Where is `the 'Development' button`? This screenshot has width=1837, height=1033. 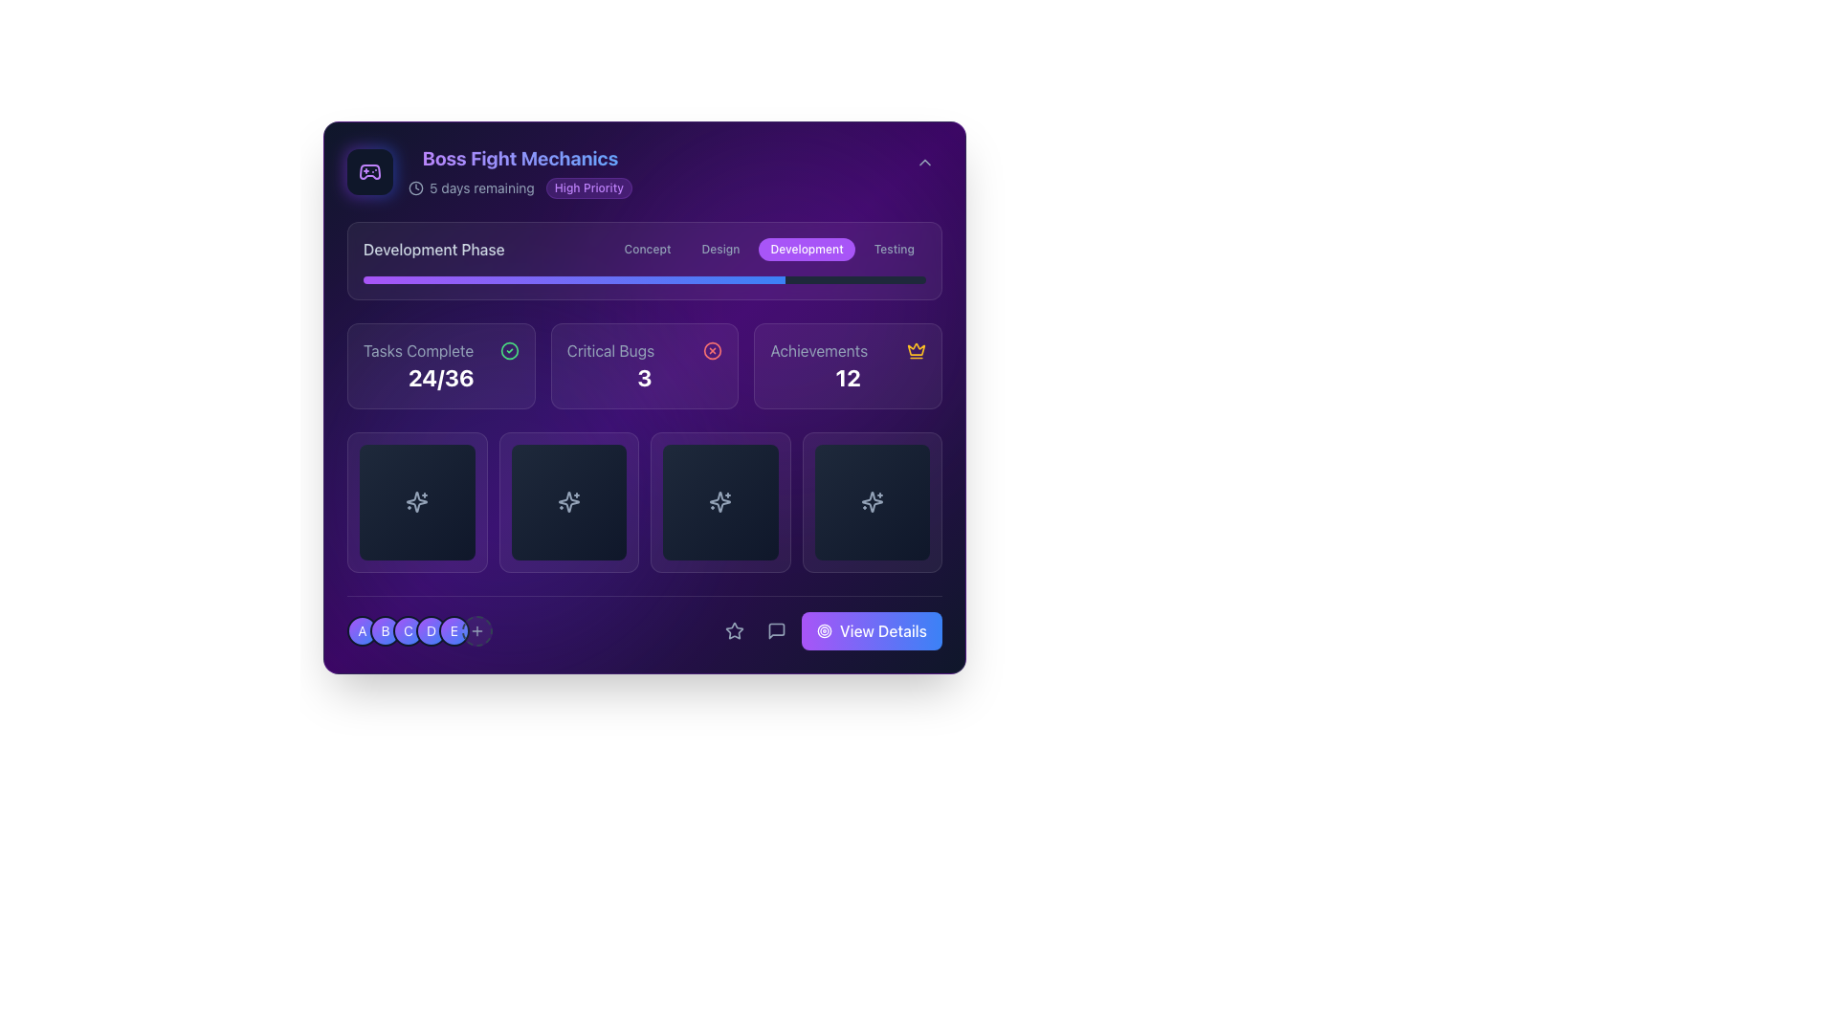 the 'Development' button is located at coordinates (769, 249).